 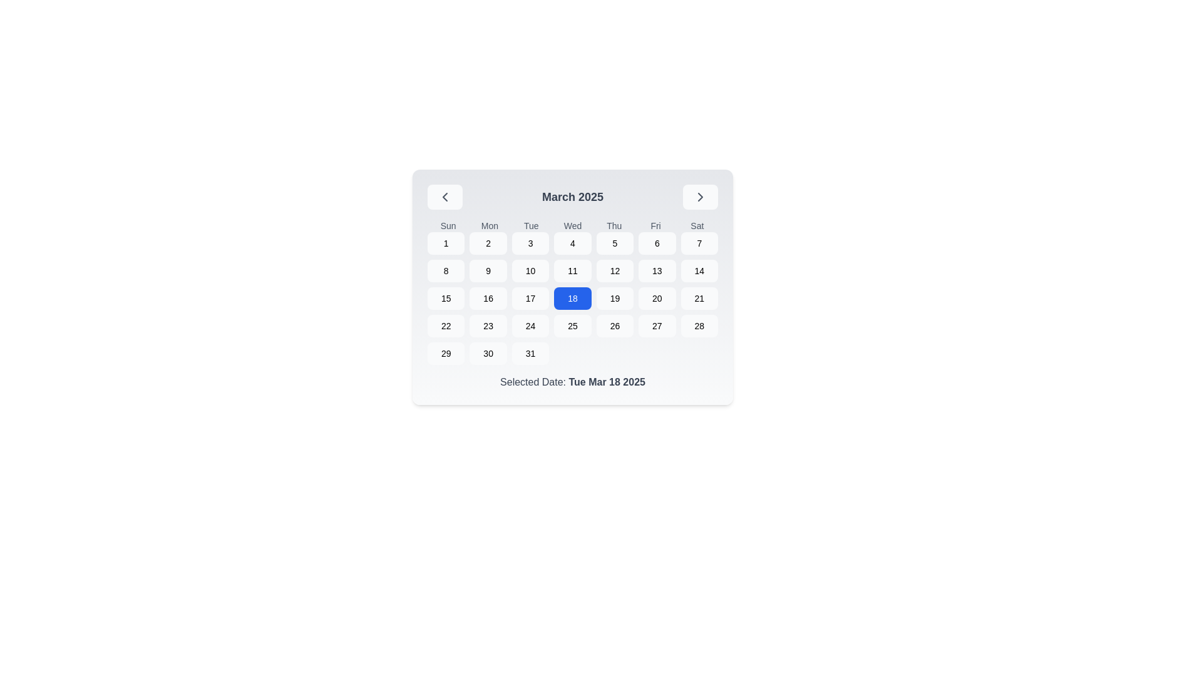 What do you see at coordinates (615, 243) in the screenshot?
I see `the button labeled '5' in the upper right part of the calendar grid` at bounding box center [615, 243].